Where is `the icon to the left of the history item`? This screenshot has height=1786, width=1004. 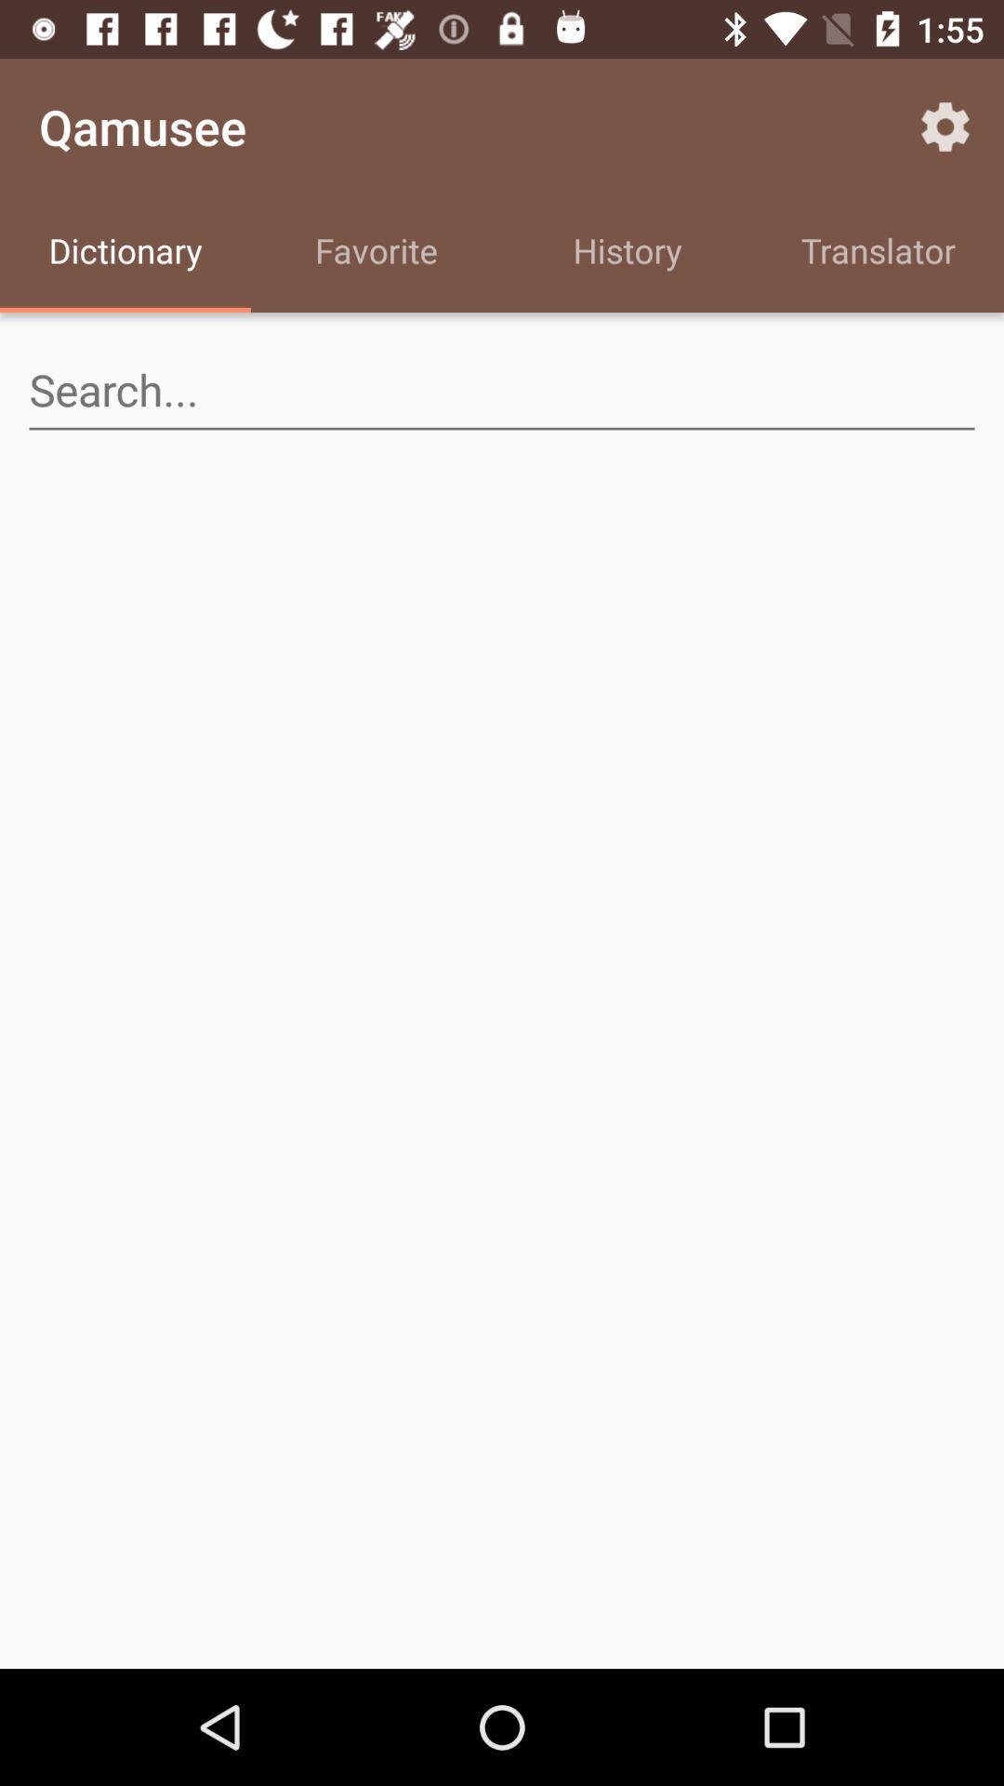
the icon to the left of the history item is located at coordinates (376, 253).